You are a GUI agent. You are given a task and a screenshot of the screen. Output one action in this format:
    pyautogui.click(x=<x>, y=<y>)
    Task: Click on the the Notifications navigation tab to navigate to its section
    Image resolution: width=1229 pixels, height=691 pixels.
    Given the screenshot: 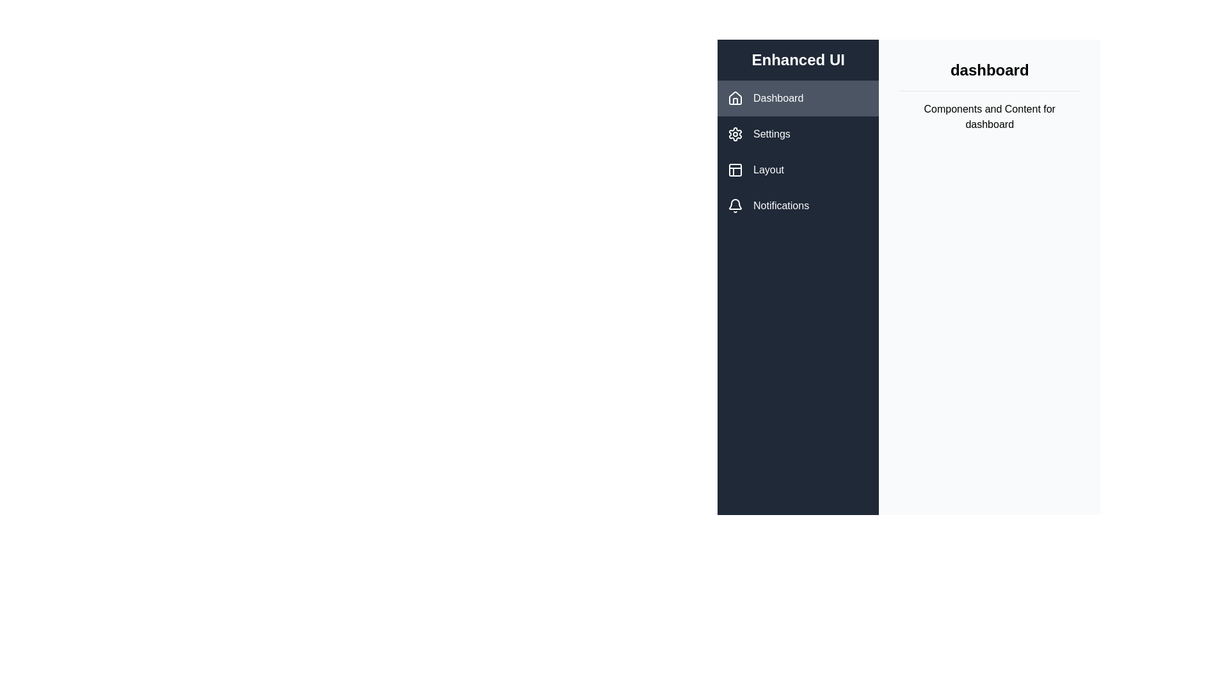 What is the action you would take?
    pyautogui.click(x=798, y=205)
    